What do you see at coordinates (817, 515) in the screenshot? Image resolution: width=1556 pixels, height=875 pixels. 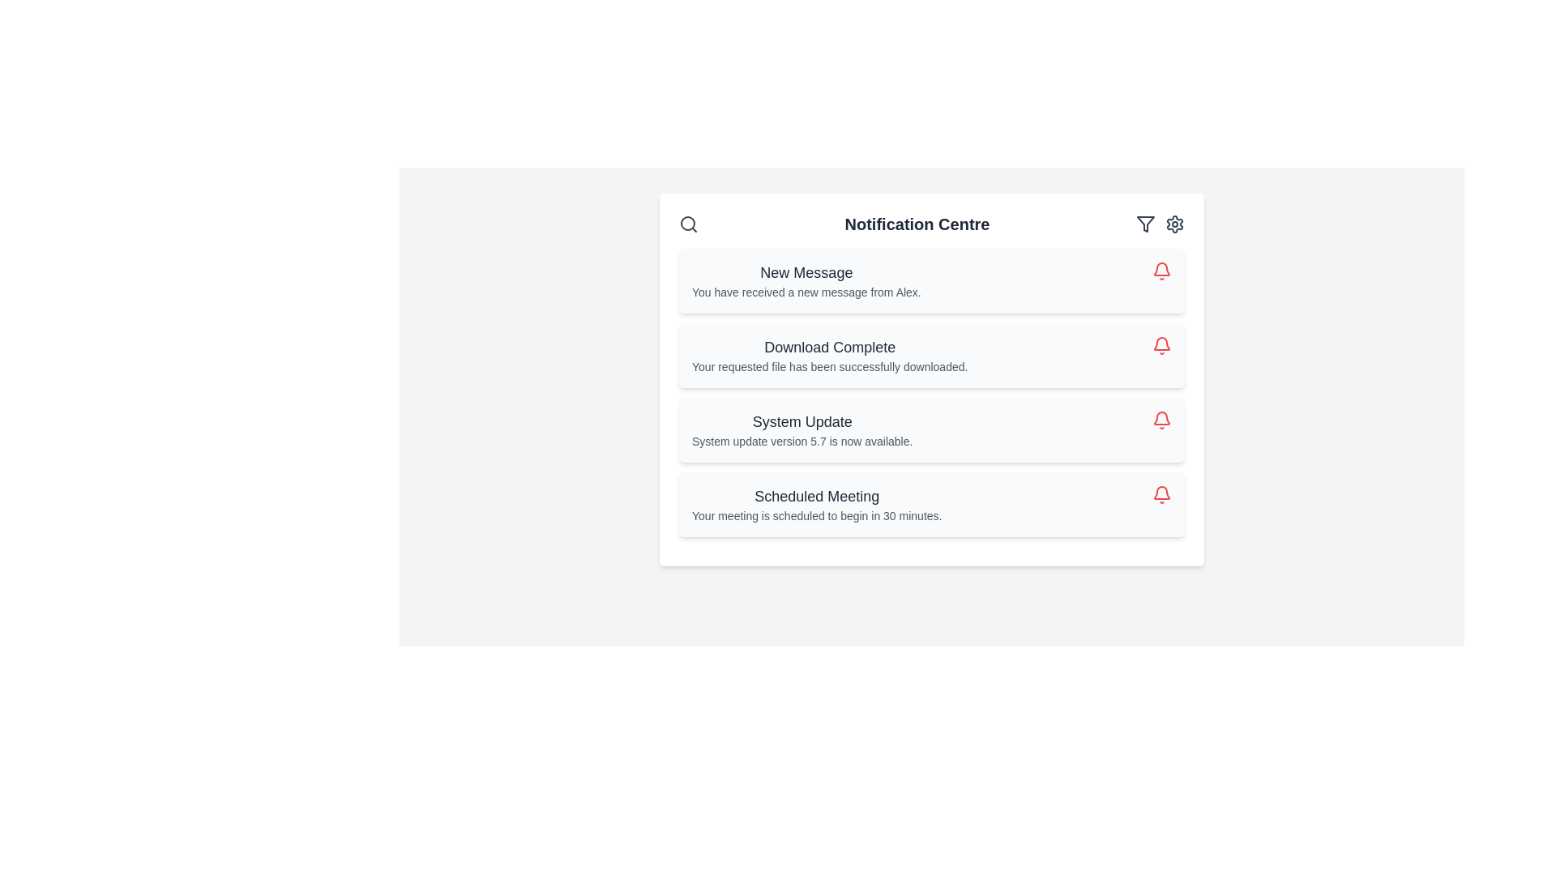 I see `the text block that provides details about the upcoming meeting within the 'Scheduled Meeting' notification card` at bounding box center [817, 515].